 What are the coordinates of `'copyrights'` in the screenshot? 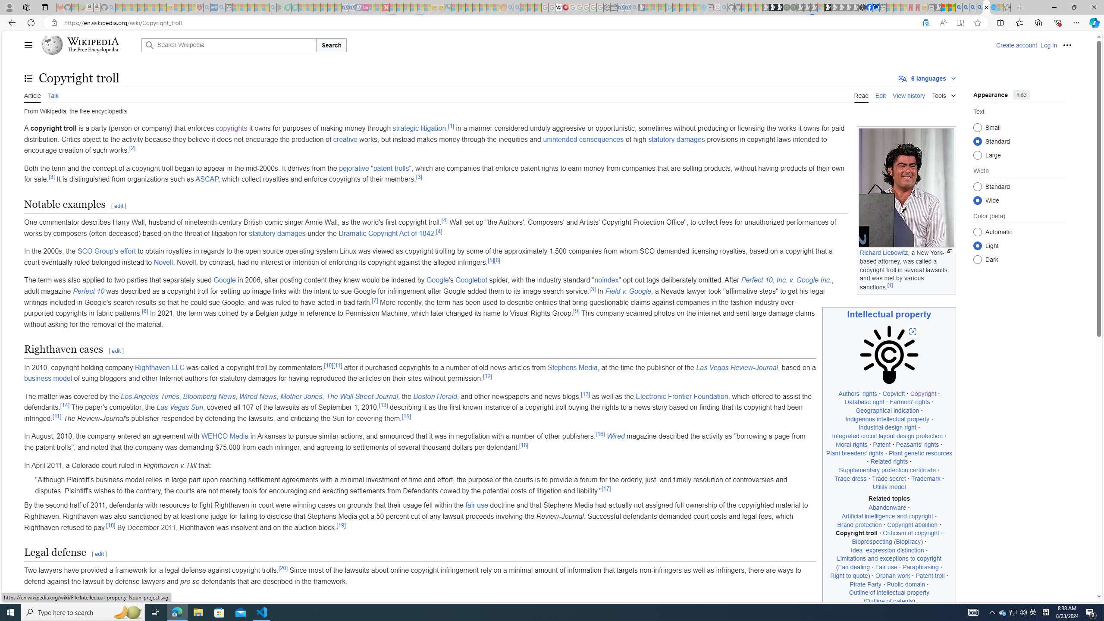 It's located at (231, 129).